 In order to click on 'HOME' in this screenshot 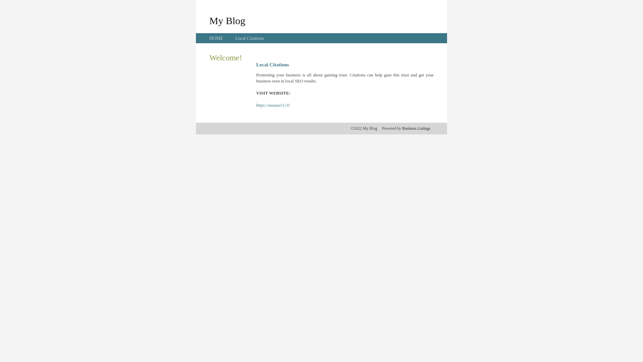, I will do `click(216, 38)`.